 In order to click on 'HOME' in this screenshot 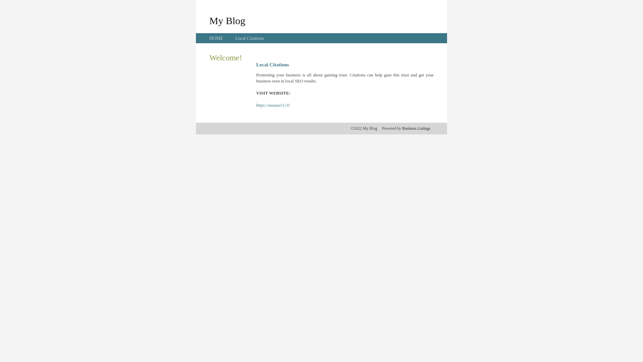, I will do `click(216, 38)`.